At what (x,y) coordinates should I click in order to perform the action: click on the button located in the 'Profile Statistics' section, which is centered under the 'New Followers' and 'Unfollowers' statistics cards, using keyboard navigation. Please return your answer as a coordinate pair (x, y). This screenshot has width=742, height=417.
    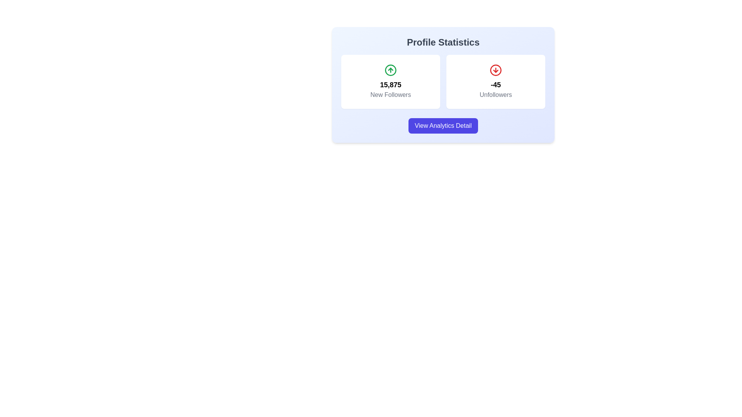
    Looking at the image, I should click on (443, 125).